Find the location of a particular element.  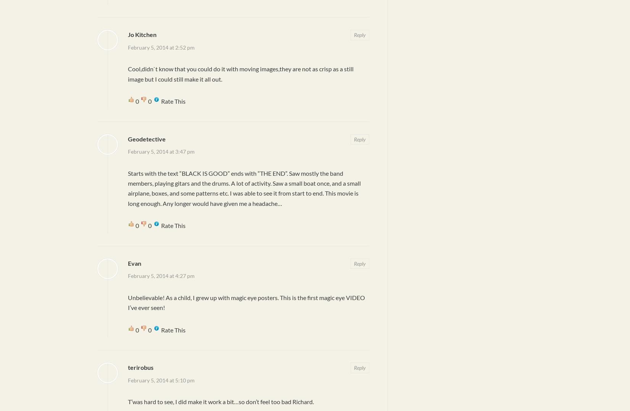

'February 5, 2014 at 2:52 pm' is located at coordinates (161, 47).